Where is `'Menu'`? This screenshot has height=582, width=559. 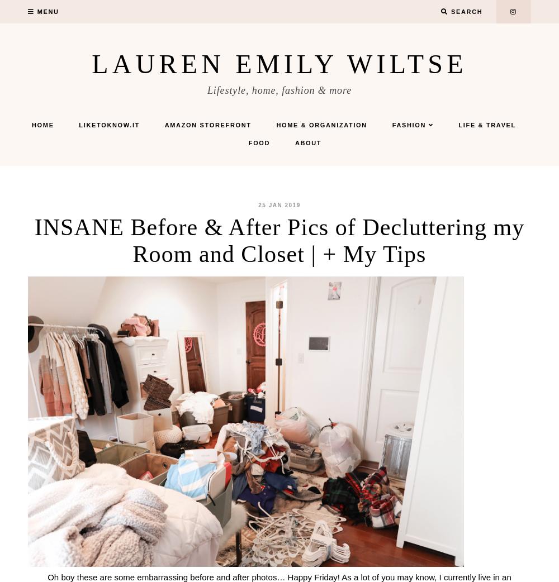
'Menu' is located at coordinates (47, 11).